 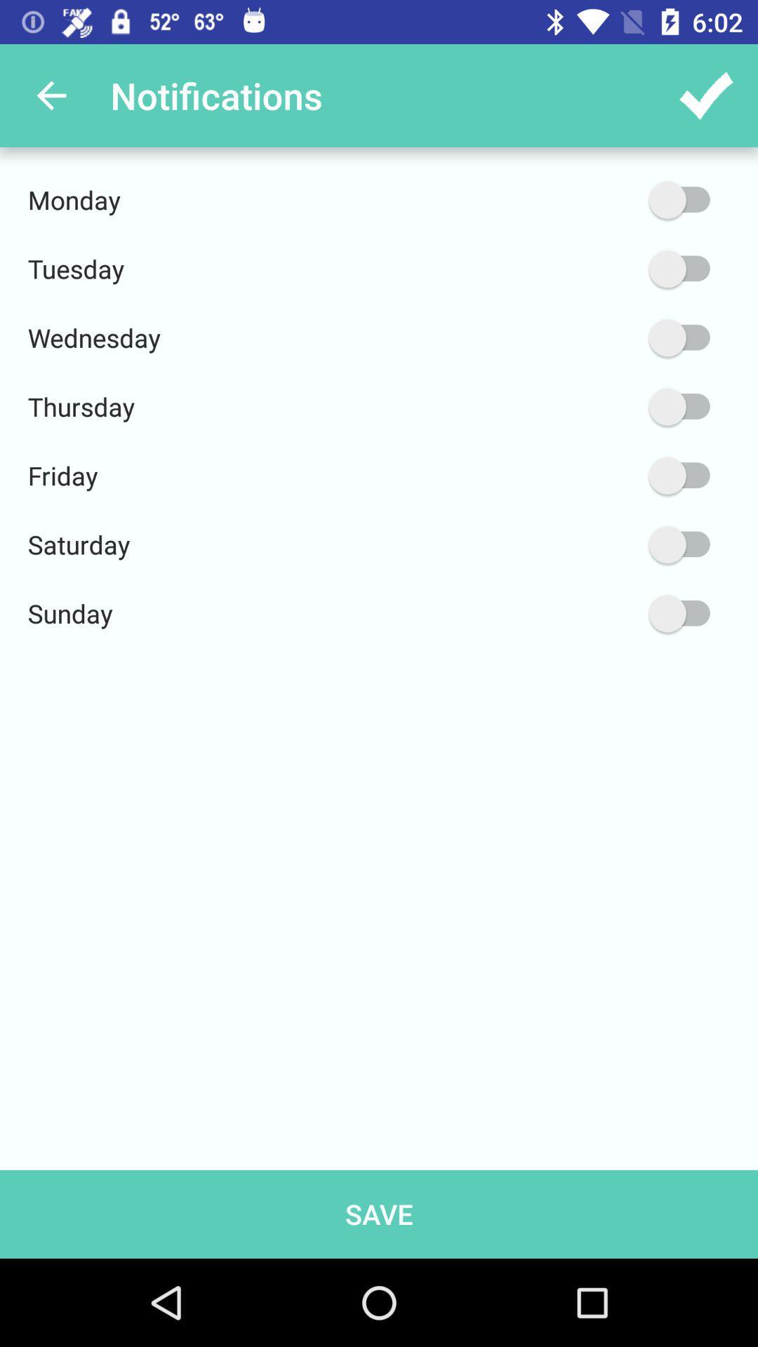 I want to click on wednesday option, so click(x=612, y=337).